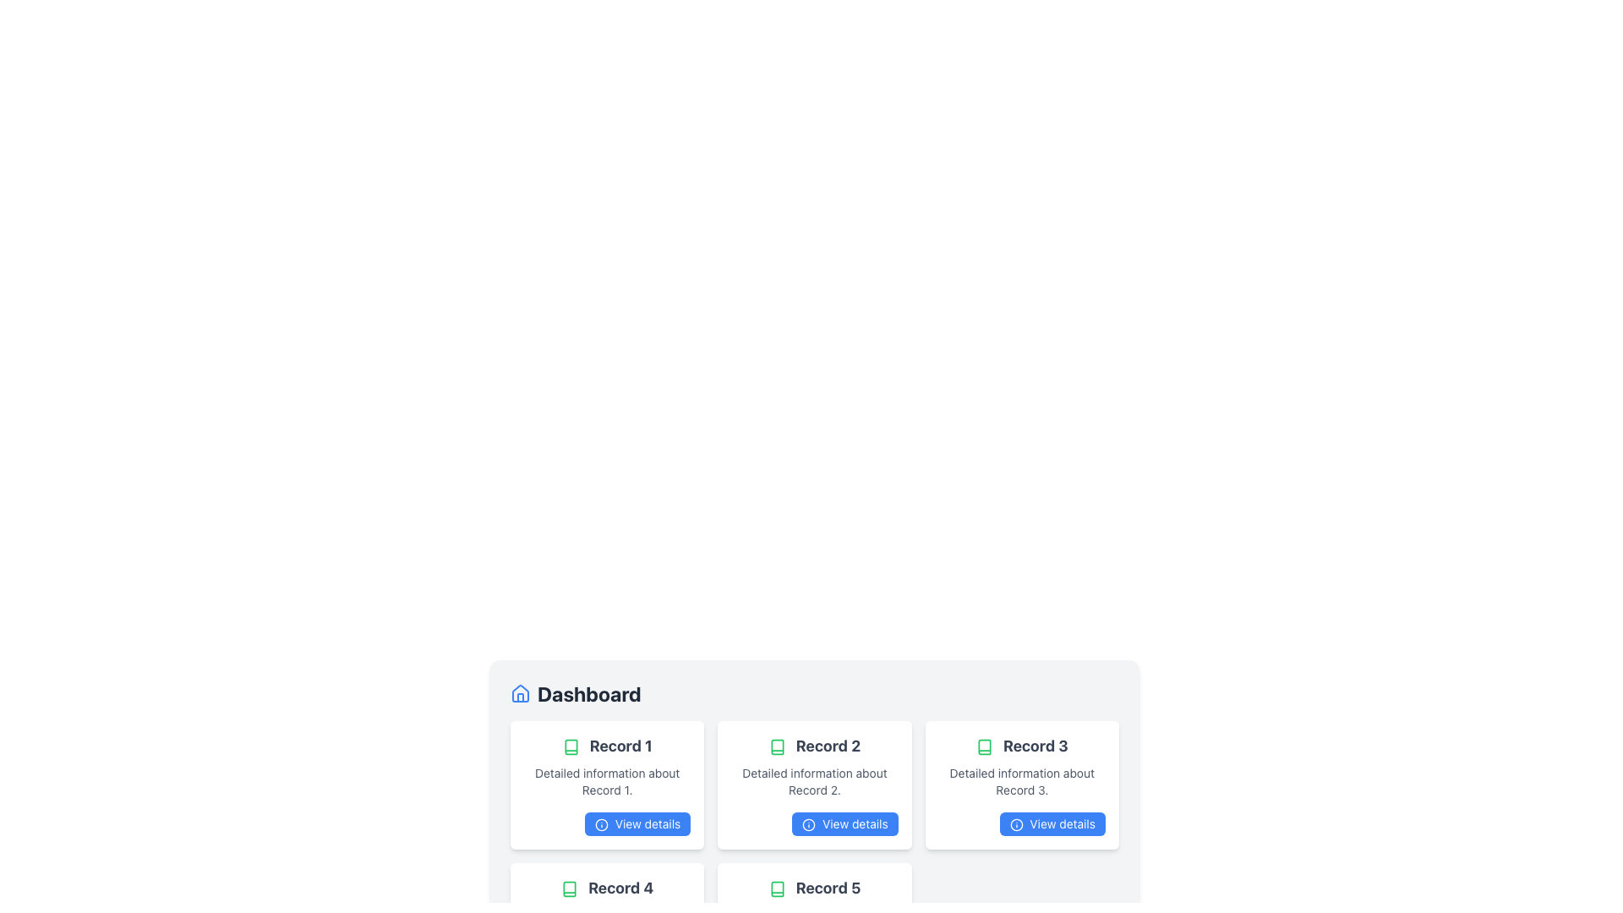 This screenshot has height=913, width=1623. Describe the element at coordinates (601, 824) in the screenshot. I see `the icon within the 'View details' button on the card for 'Record 1' located in the first column under the 'Dashboard' heading` at that location.